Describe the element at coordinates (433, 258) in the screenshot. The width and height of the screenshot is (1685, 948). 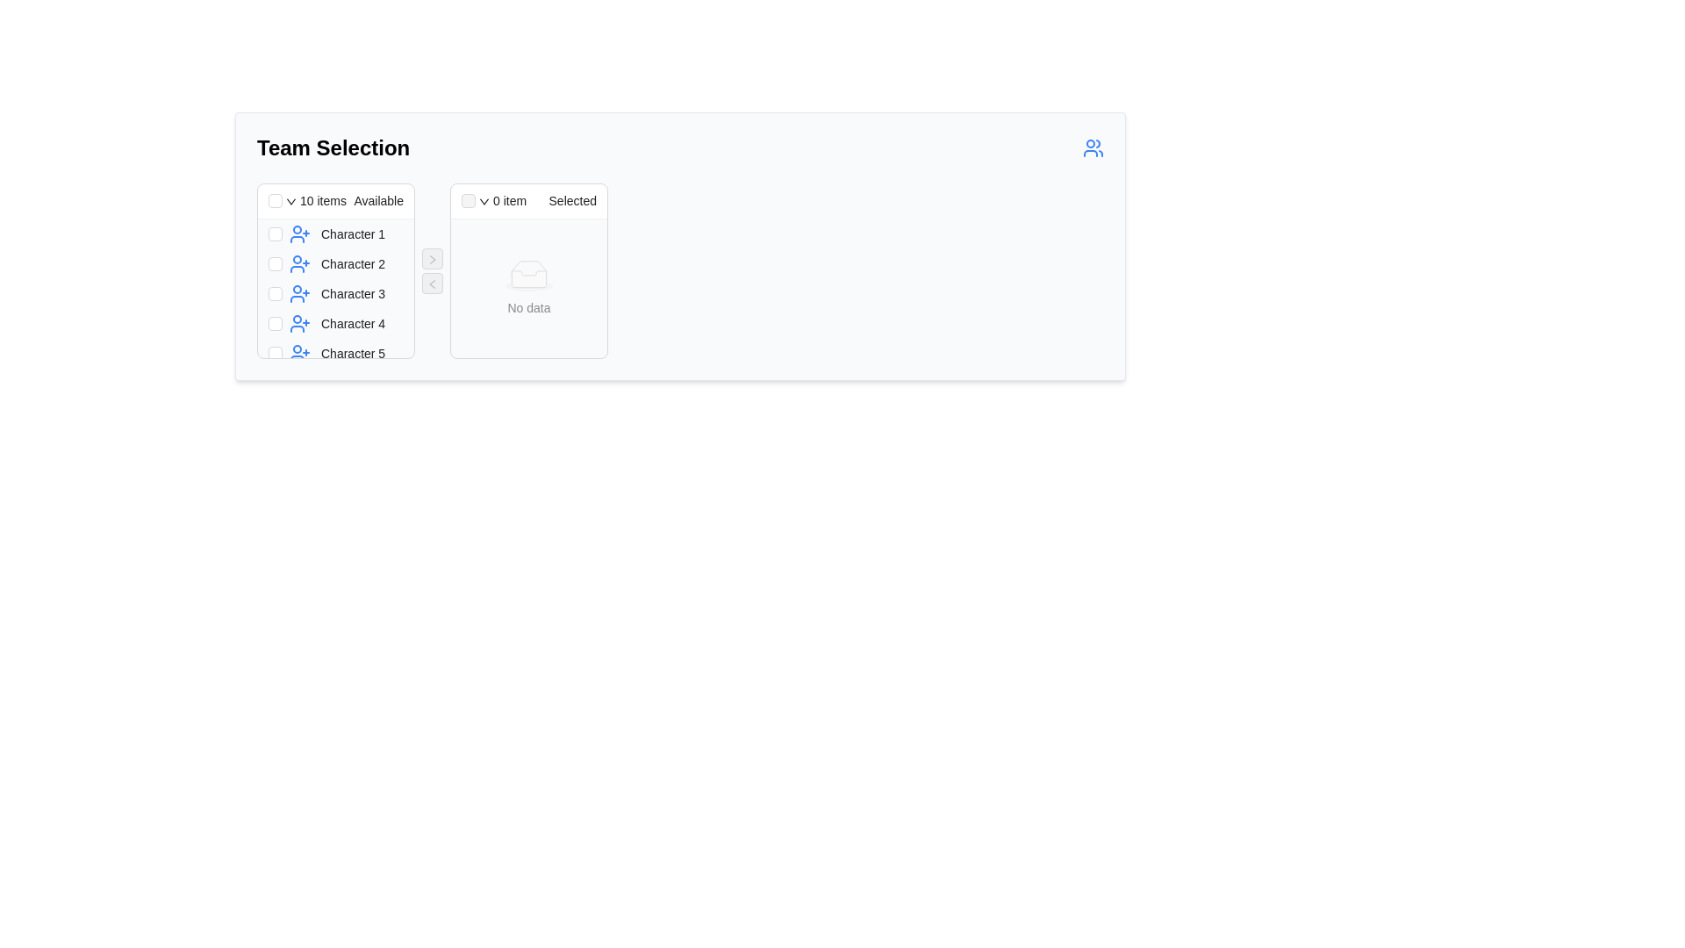
I see `the unique right-facing arrow icon button located on the right side of the 'Available' column in the Team Selection interface` at that location.